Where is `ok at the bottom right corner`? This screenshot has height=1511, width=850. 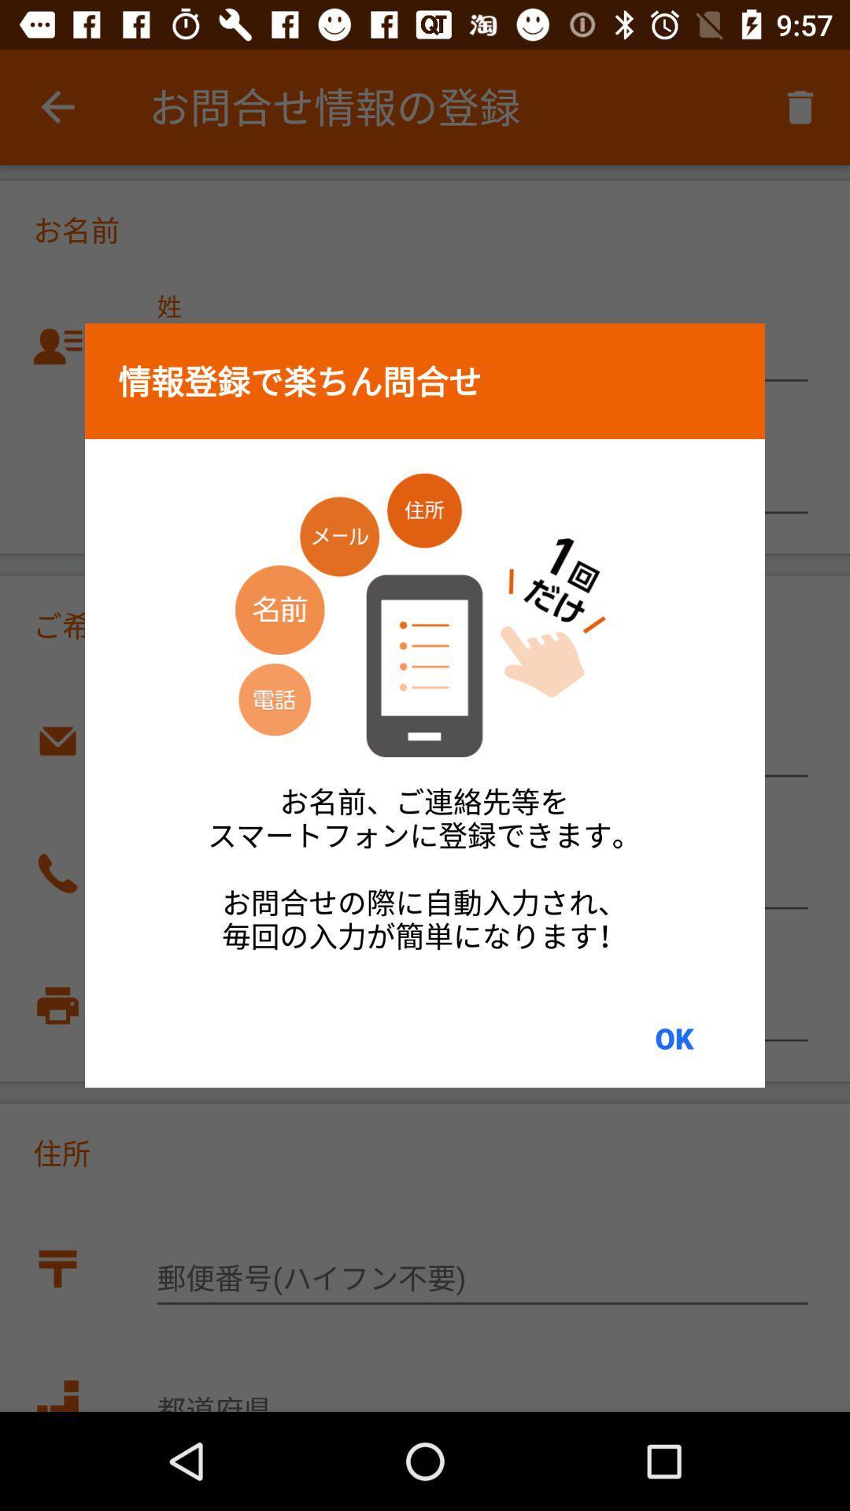
ok at the bottom right corner is located at coordinates (673, 1038).